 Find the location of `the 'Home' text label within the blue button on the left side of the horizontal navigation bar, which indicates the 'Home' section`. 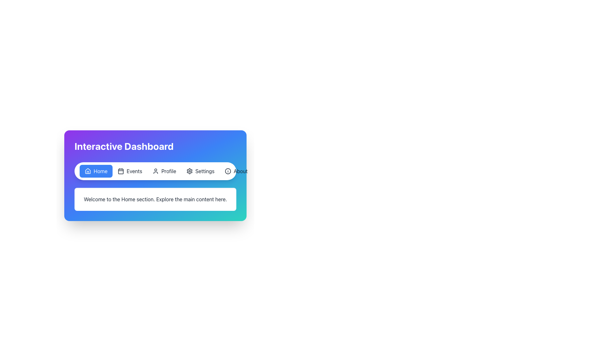

the 'Home' text label within the blue button on the left side of the horizontal navigation bar, which indicates the 'Home' section is located at coordinates (100, 171).